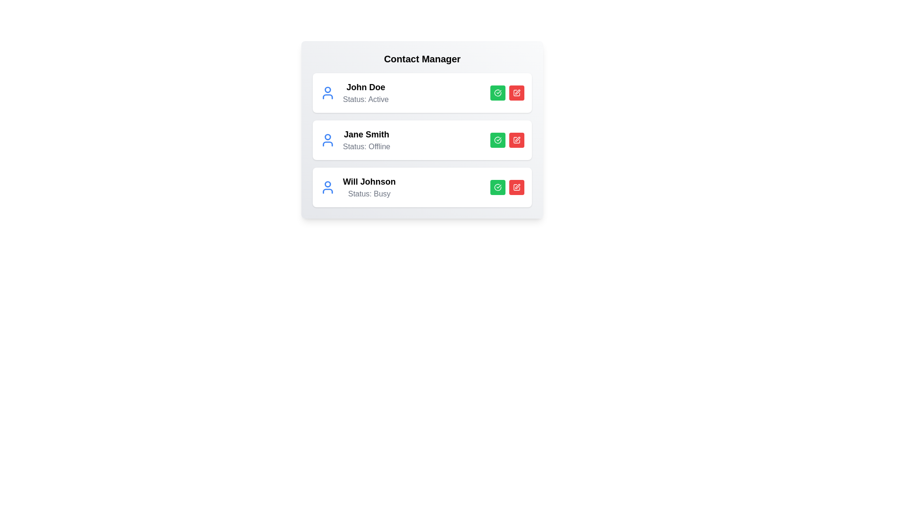 The width and height of the screenshot is (907, 510). I want to click on 'Activate' button for the contact with name Will Johnson, so click(497, 187).